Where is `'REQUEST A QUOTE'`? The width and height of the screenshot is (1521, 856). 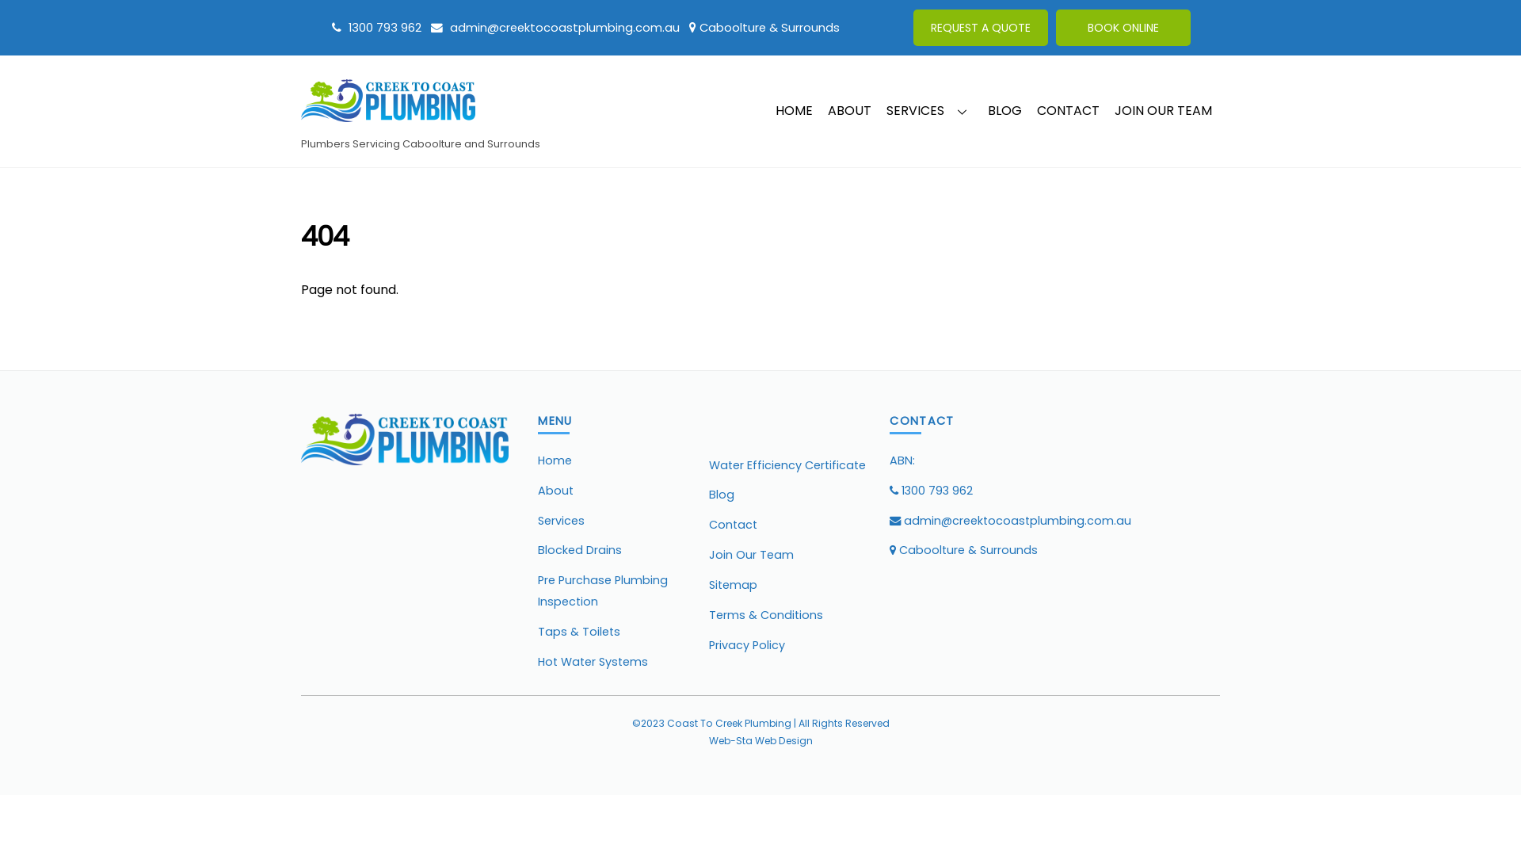
'REQUEST A QUOTE' is located at coordinates (980, 27).